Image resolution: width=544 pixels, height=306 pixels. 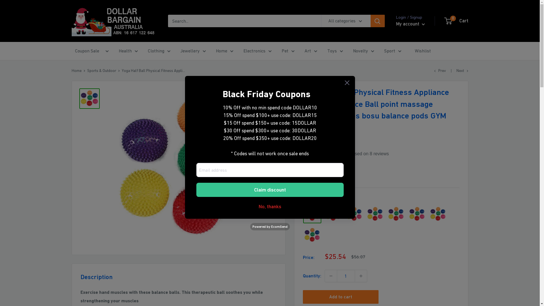 I want to click on 'Decrease quantity by 1', so click(x=330, y=276).